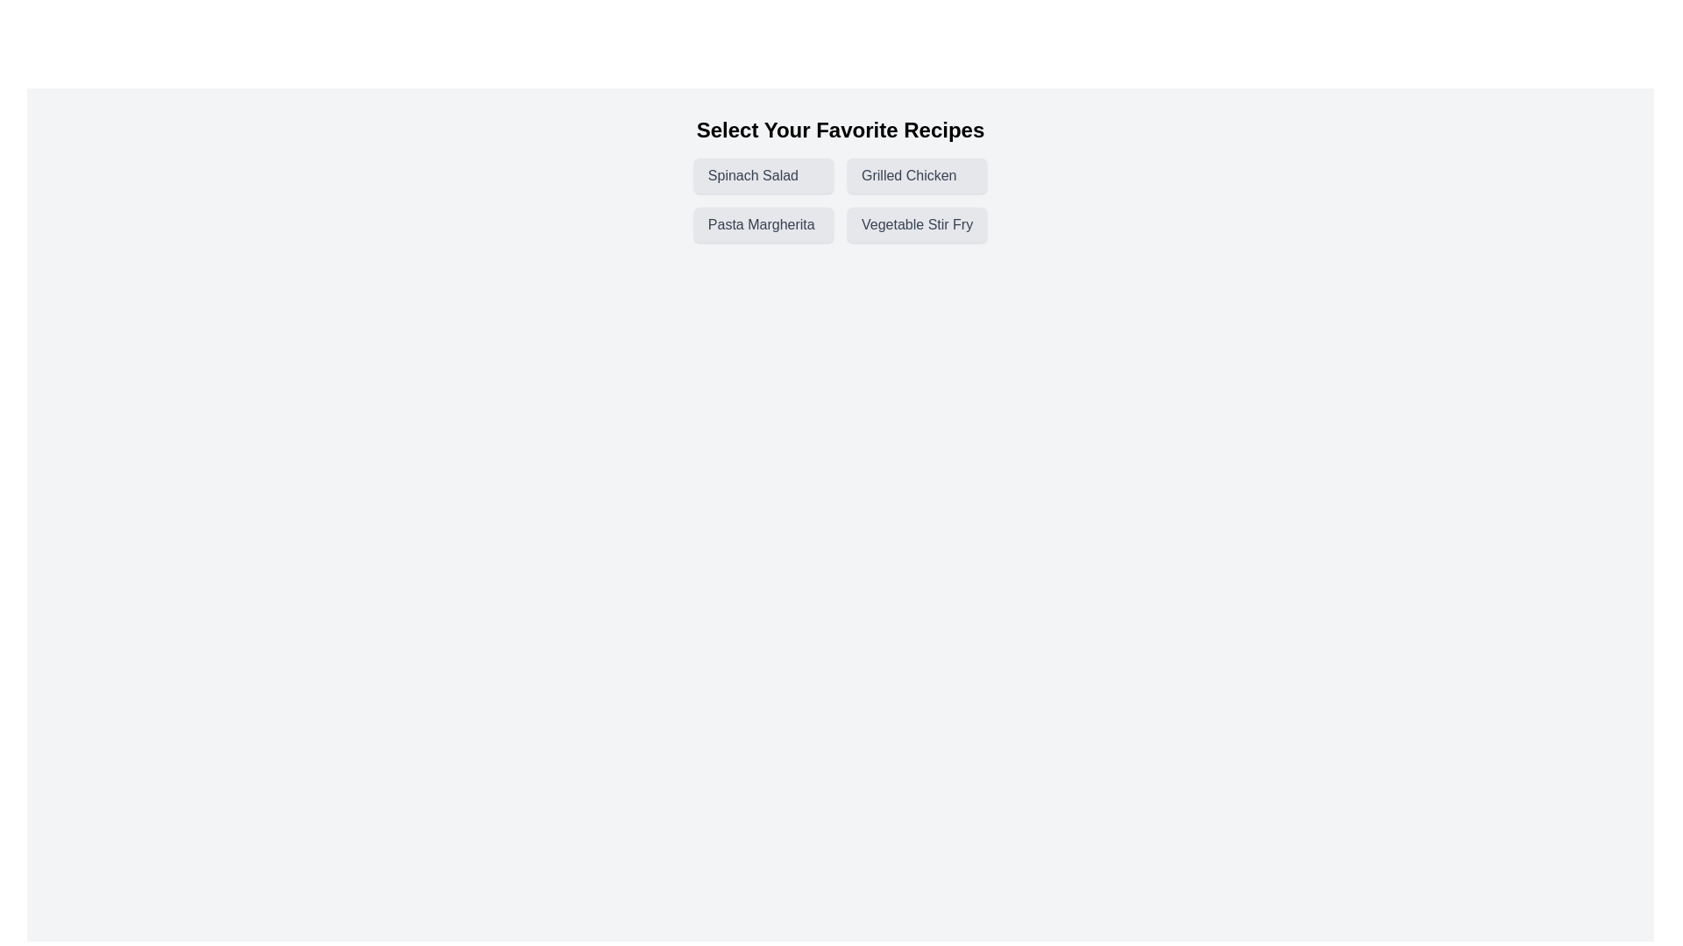 This screenshot has height=946, width=1683. What do you see at coordinates (763, 224) in the screenshot?
I see `the recipe card labeled 'Pasta Margherita' to observe the visual feedback` at bounding box center [763, 224].